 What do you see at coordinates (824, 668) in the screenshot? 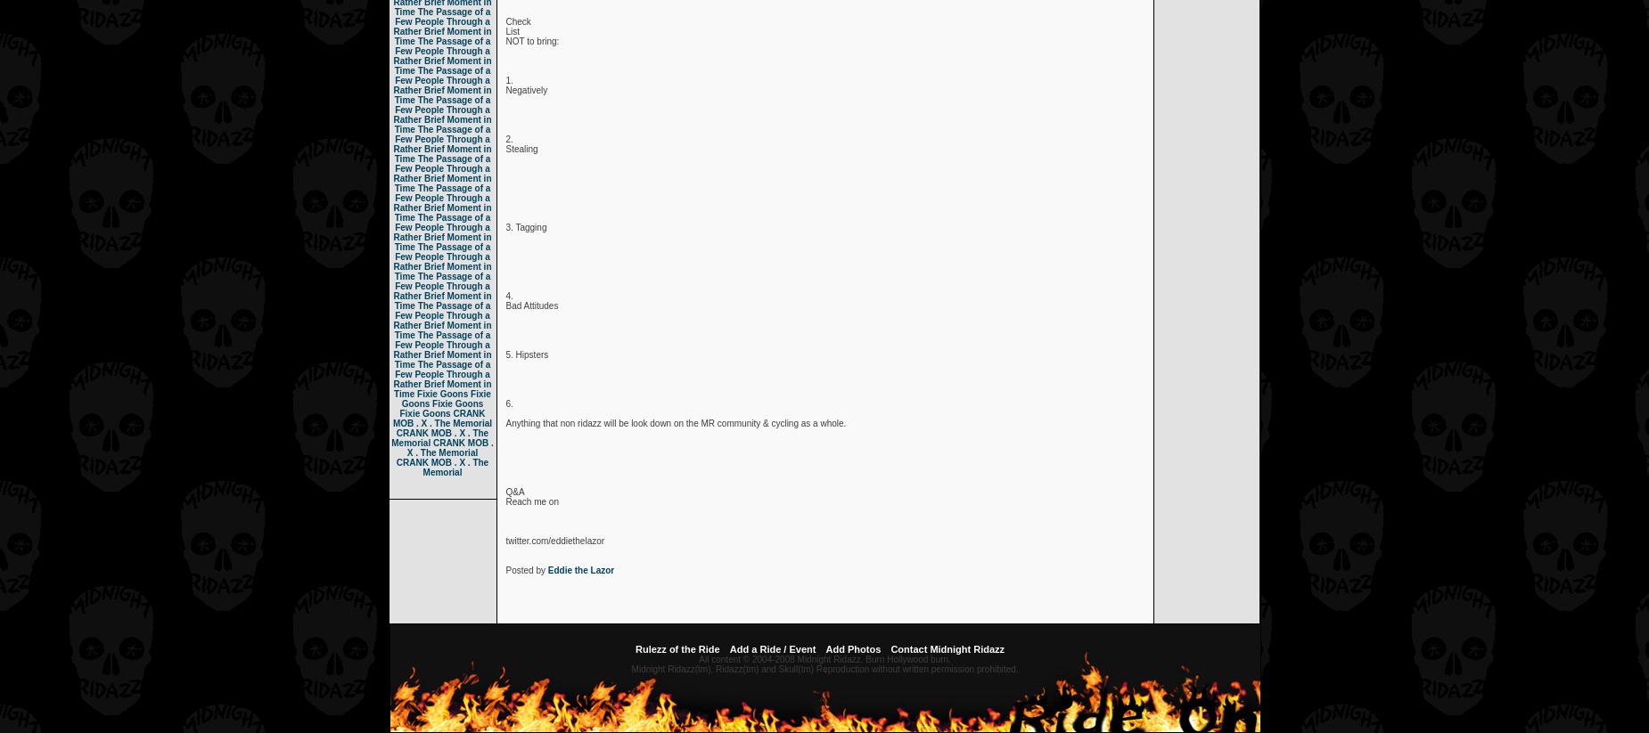
I see `'Midnight Ridazz(tm), Ridazz(tm) and Skull(tm) Reproduction without written permission prohibited.'` at bounding box center [824, 668].